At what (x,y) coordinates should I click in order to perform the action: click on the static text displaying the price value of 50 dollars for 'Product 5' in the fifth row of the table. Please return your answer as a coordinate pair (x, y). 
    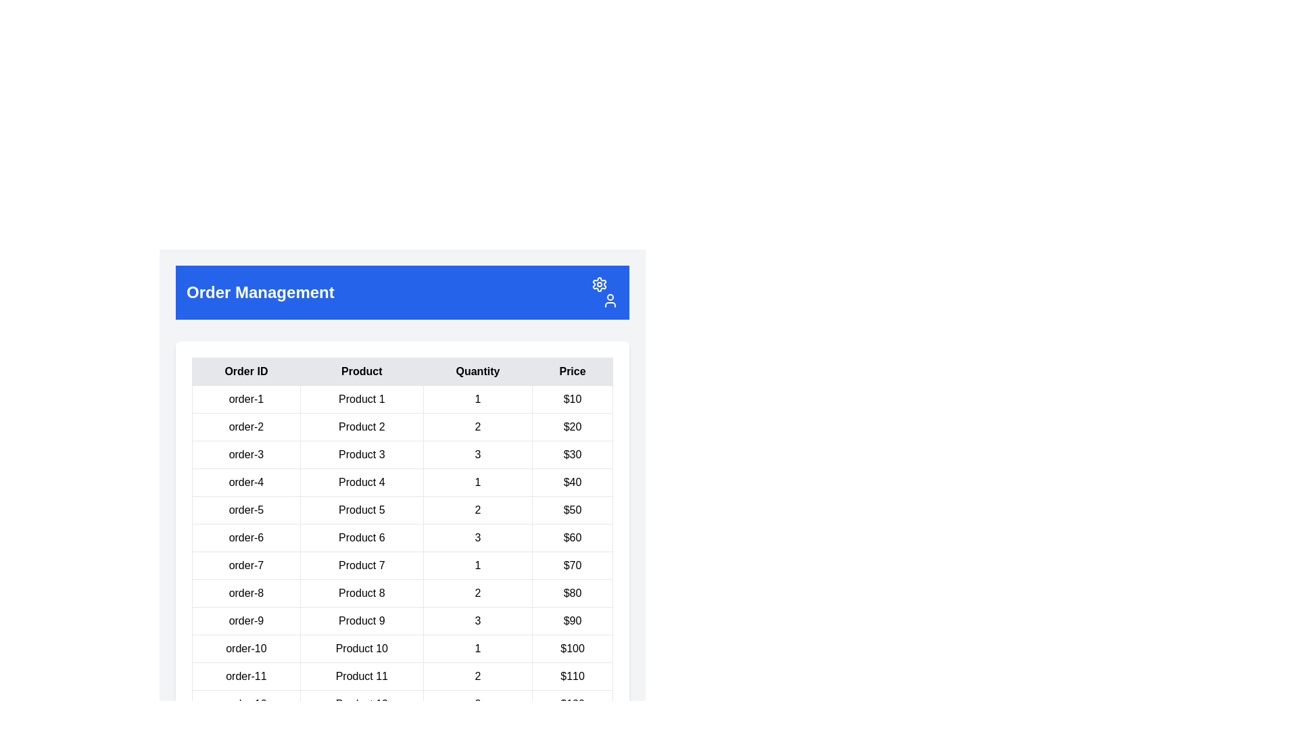
    Looking at the image, I should click on (573, 510).